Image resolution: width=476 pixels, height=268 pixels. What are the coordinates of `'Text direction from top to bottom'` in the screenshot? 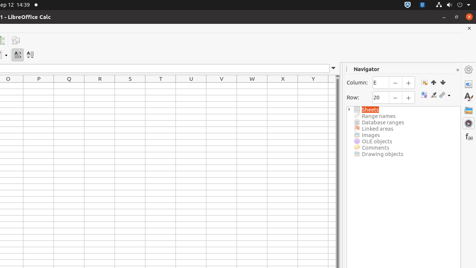 It's located at (30, 54).